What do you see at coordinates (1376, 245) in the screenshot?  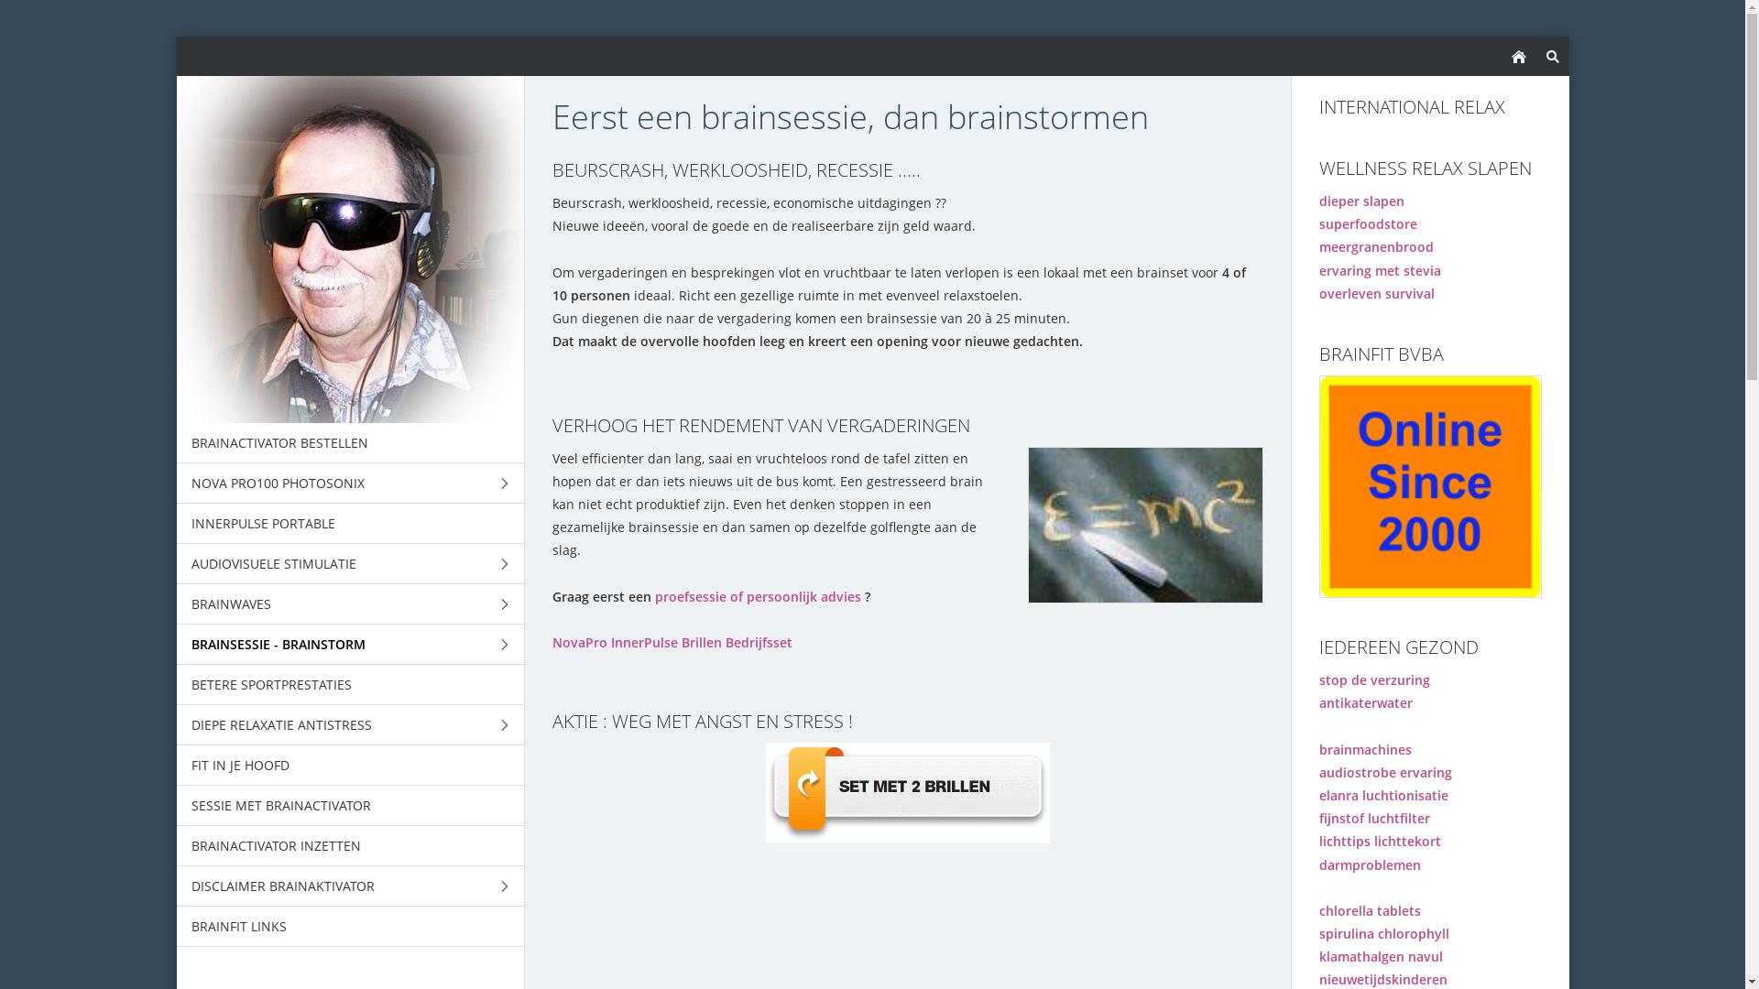 I see `'meergranenbrood'` at bounding box center [1376, 245].